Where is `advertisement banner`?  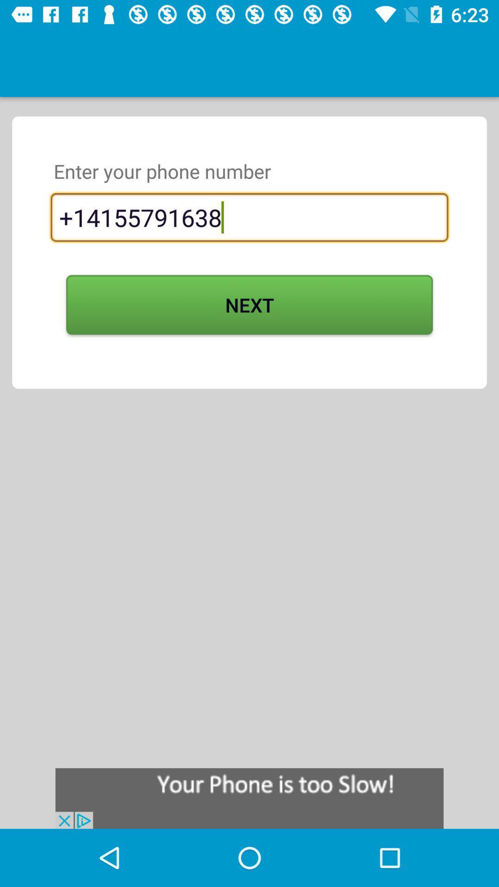 advertisement banner is located at coordinates (249, 798).